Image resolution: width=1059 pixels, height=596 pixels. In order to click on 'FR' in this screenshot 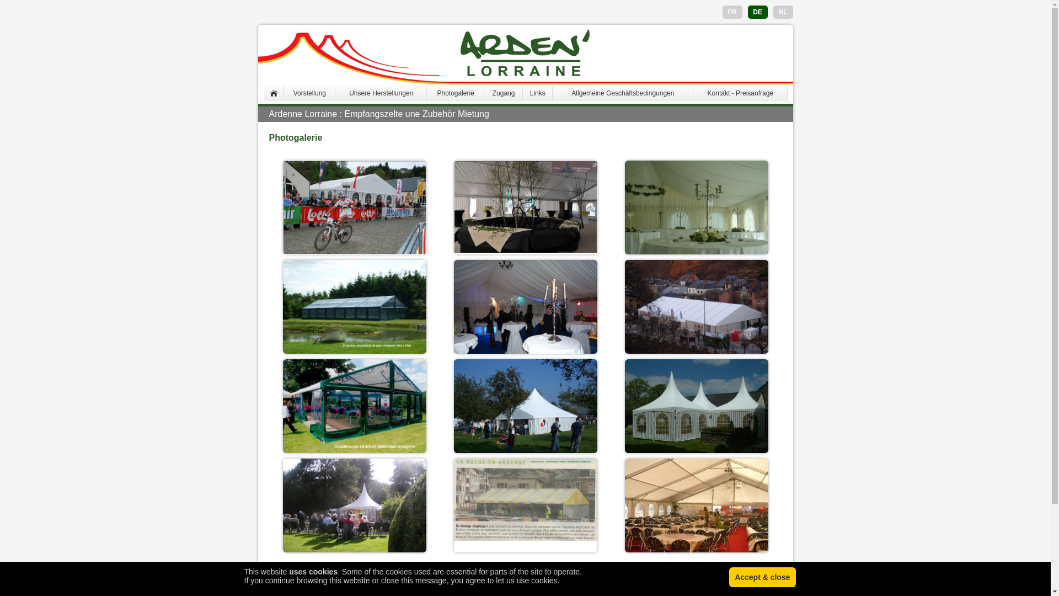, I will do `click(728, 12)`.